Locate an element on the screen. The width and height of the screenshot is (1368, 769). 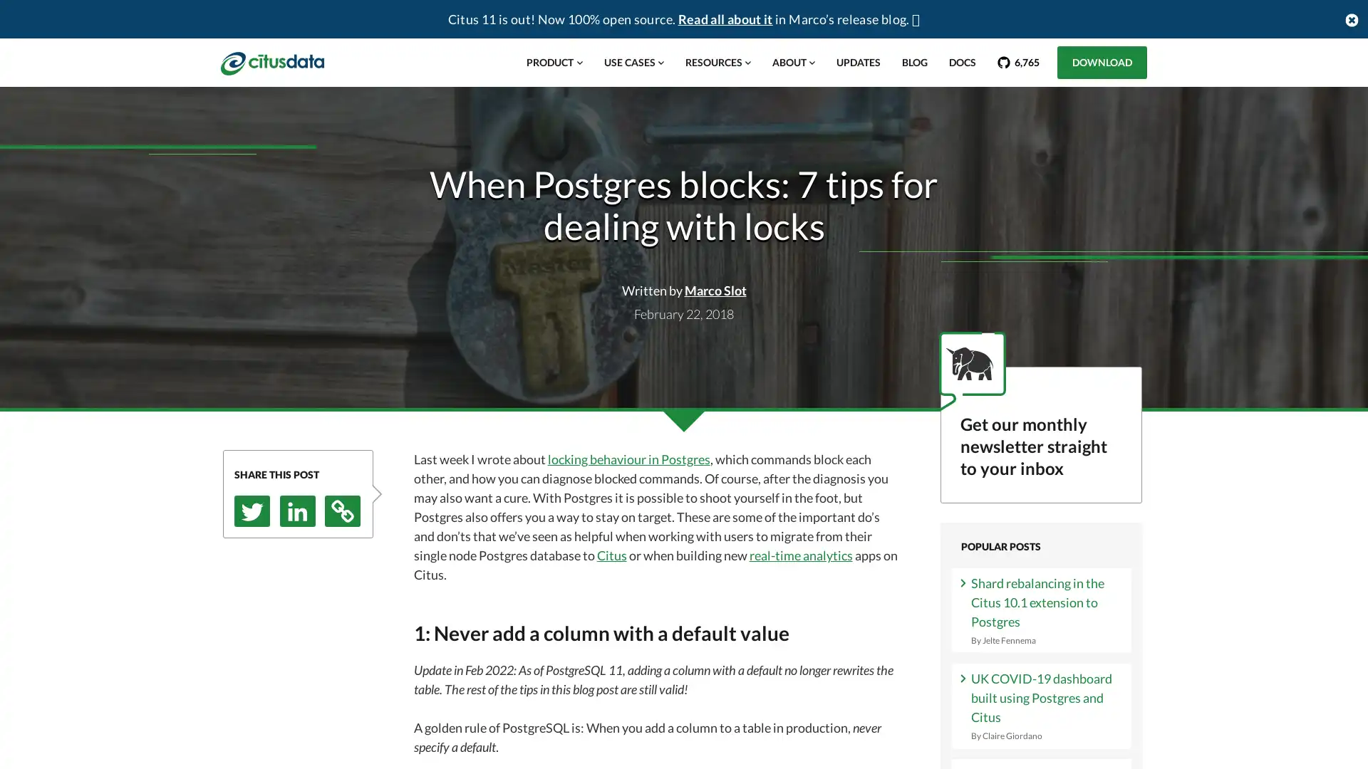
Copy link is located at coordinates (342, 510).